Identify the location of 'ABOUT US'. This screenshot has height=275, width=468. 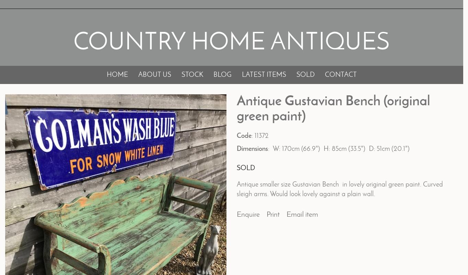
(154, 75).